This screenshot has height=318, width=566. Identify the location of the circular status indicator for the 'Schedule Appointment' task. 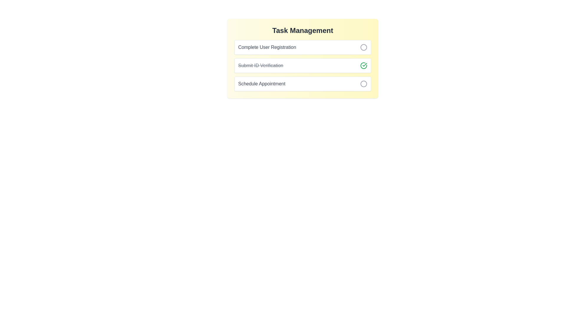
(363, 84).